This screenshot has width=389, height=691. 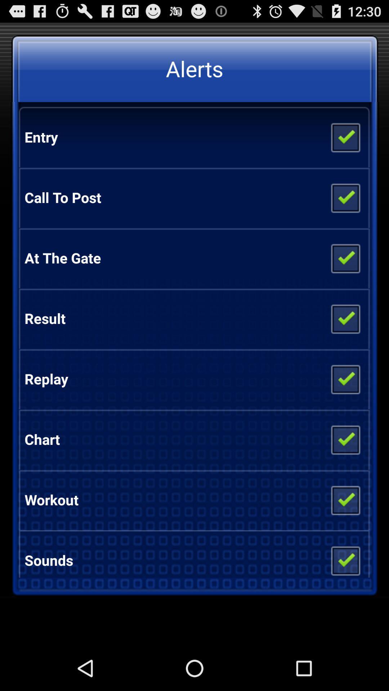 What do you see at coordinates (345, 197) in the screenshot?
I see `check or uncheck option` at bounding box center [345, 197].